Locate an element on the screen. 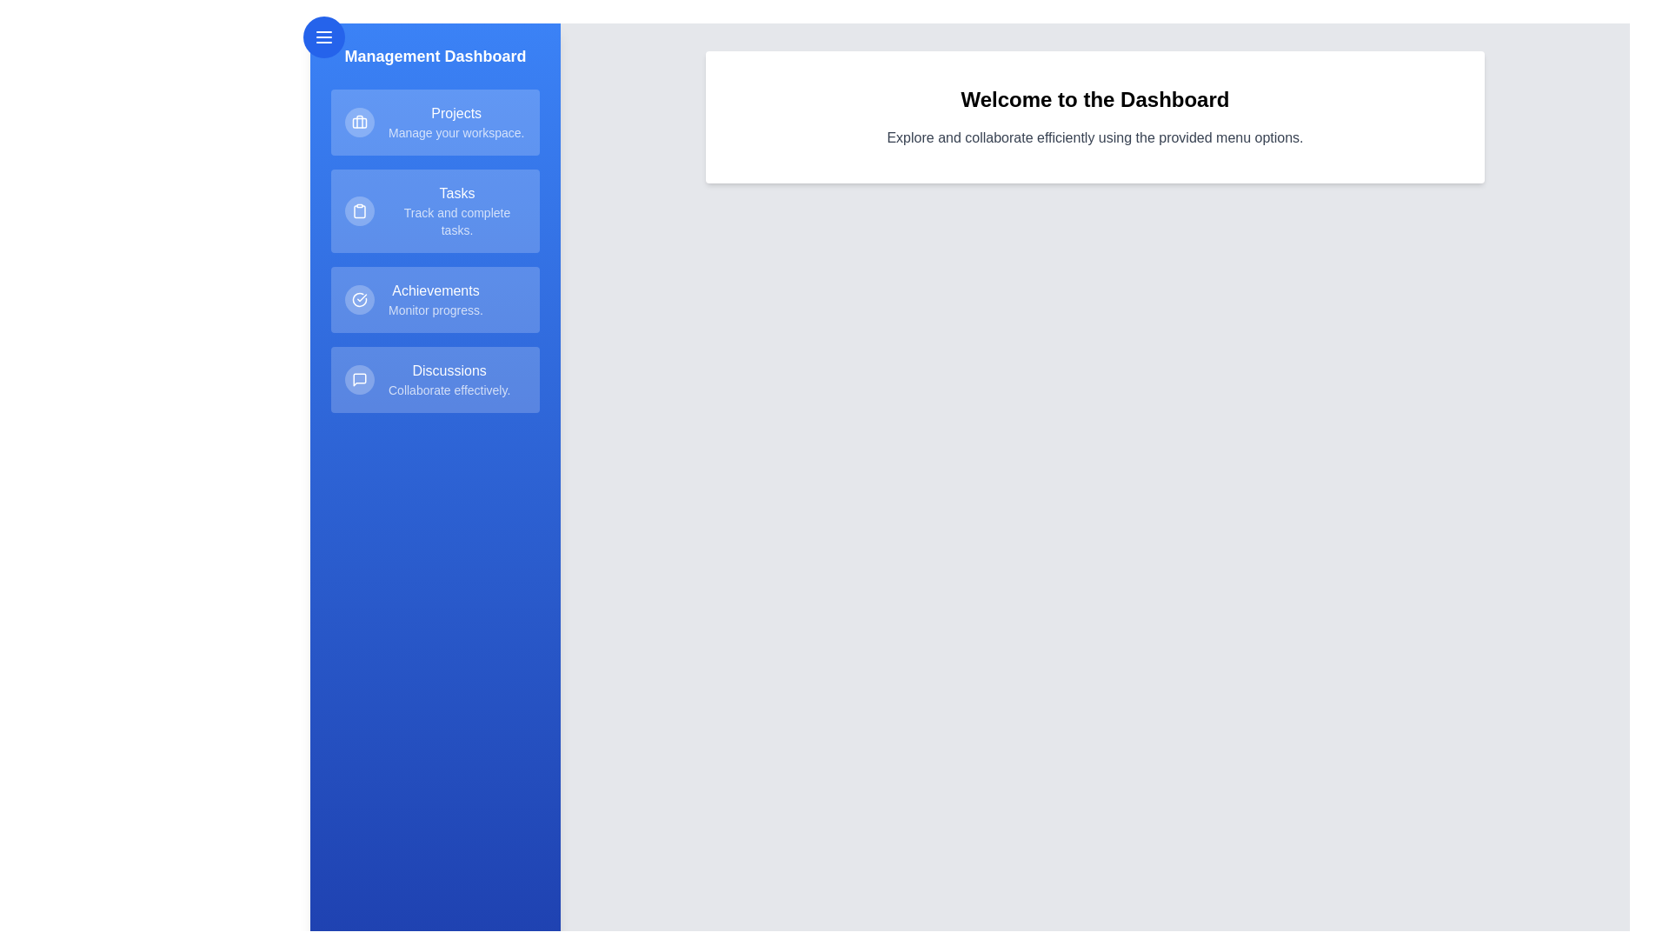 The width and height of the screenshot is (1669, 939). the icon for Projects in the drawer is located at coordinates (358, 122).